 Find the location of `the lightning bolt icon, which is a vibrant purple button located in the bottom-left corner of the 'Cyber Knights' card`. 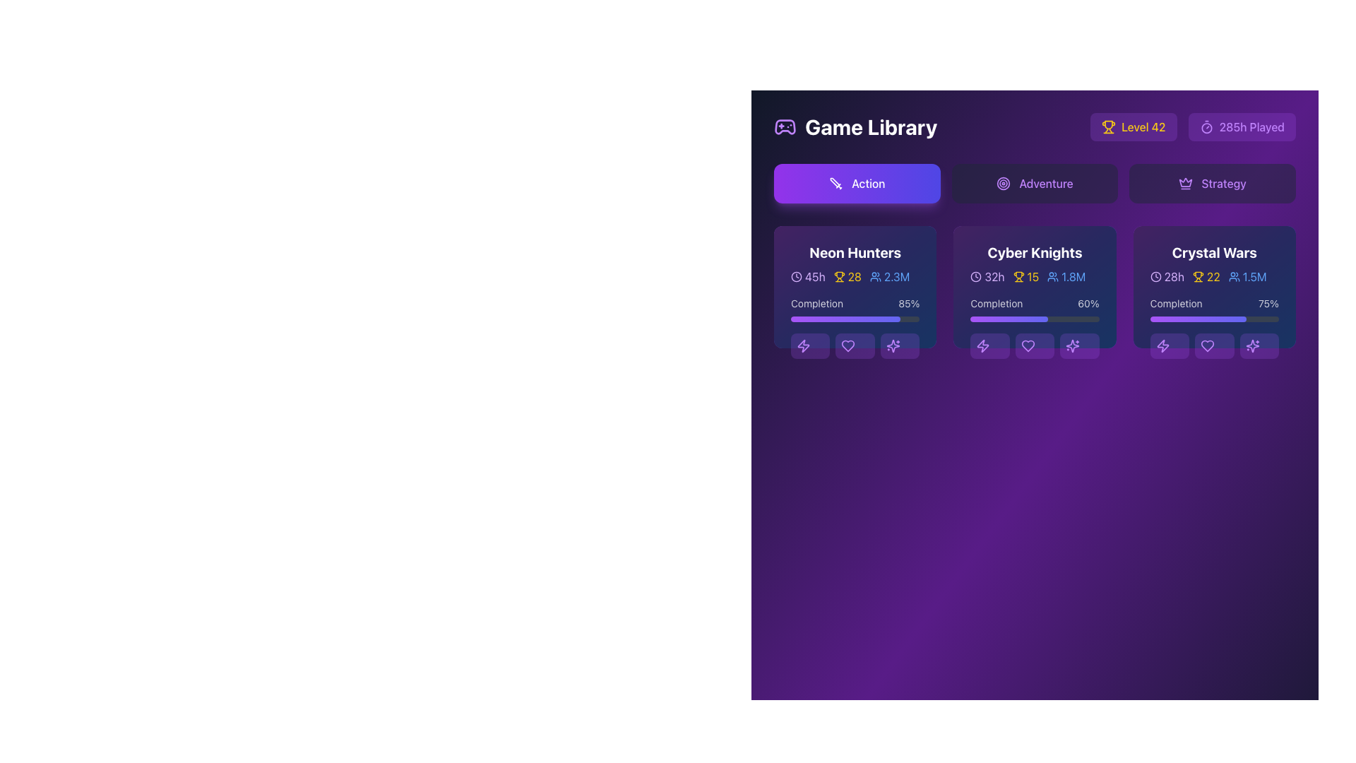

the lightning bolt icon, which is a vibrant purple button located in the bottom-left corner of the 'Cyber Knights' card is located at coordinates (982, 345).